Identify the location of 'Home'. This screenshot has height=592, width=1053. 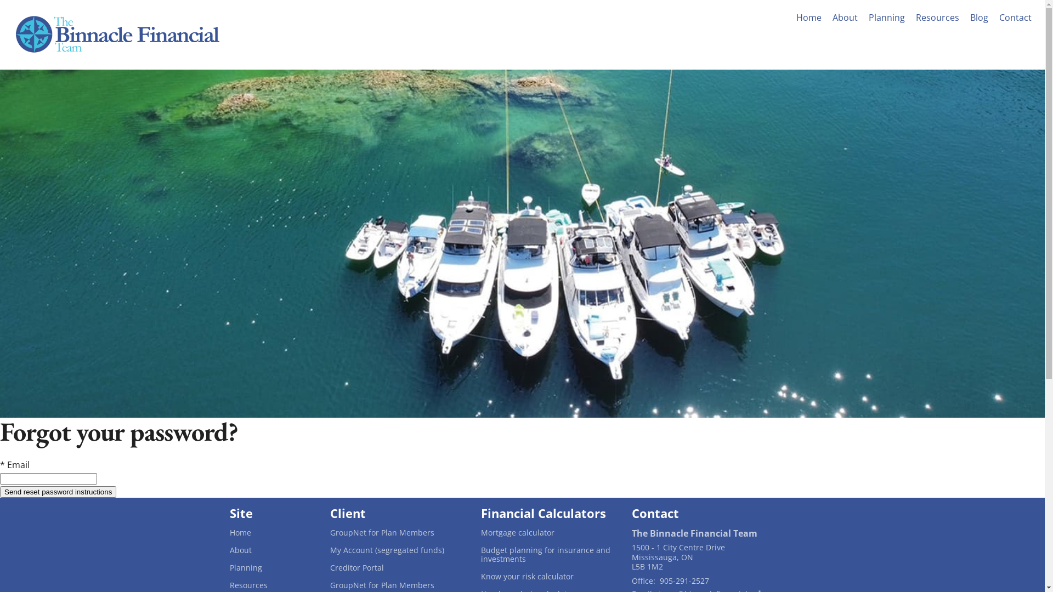
(270, 532).